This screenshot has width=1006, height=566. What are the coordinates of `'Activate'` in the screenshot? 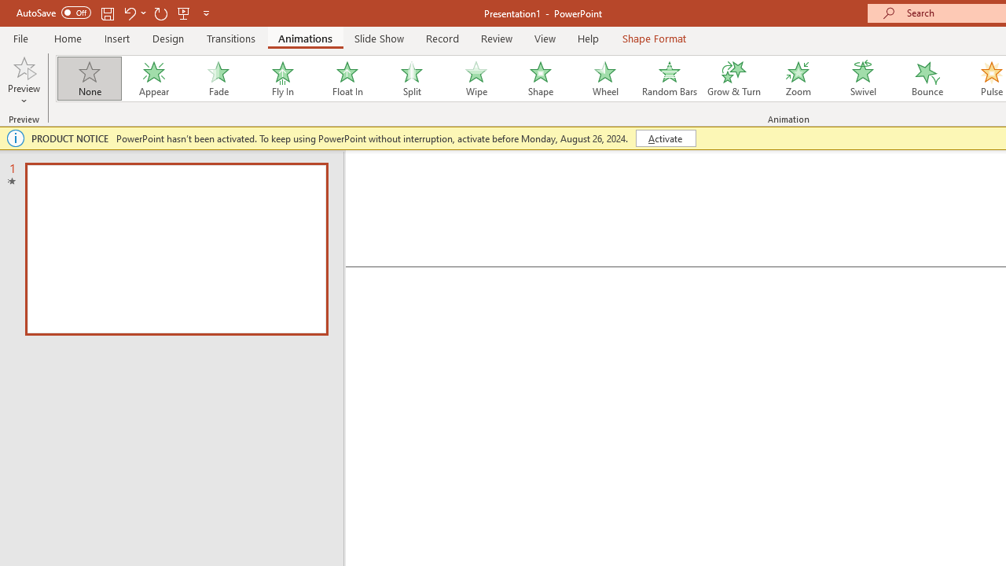 It's located at (666, 138).